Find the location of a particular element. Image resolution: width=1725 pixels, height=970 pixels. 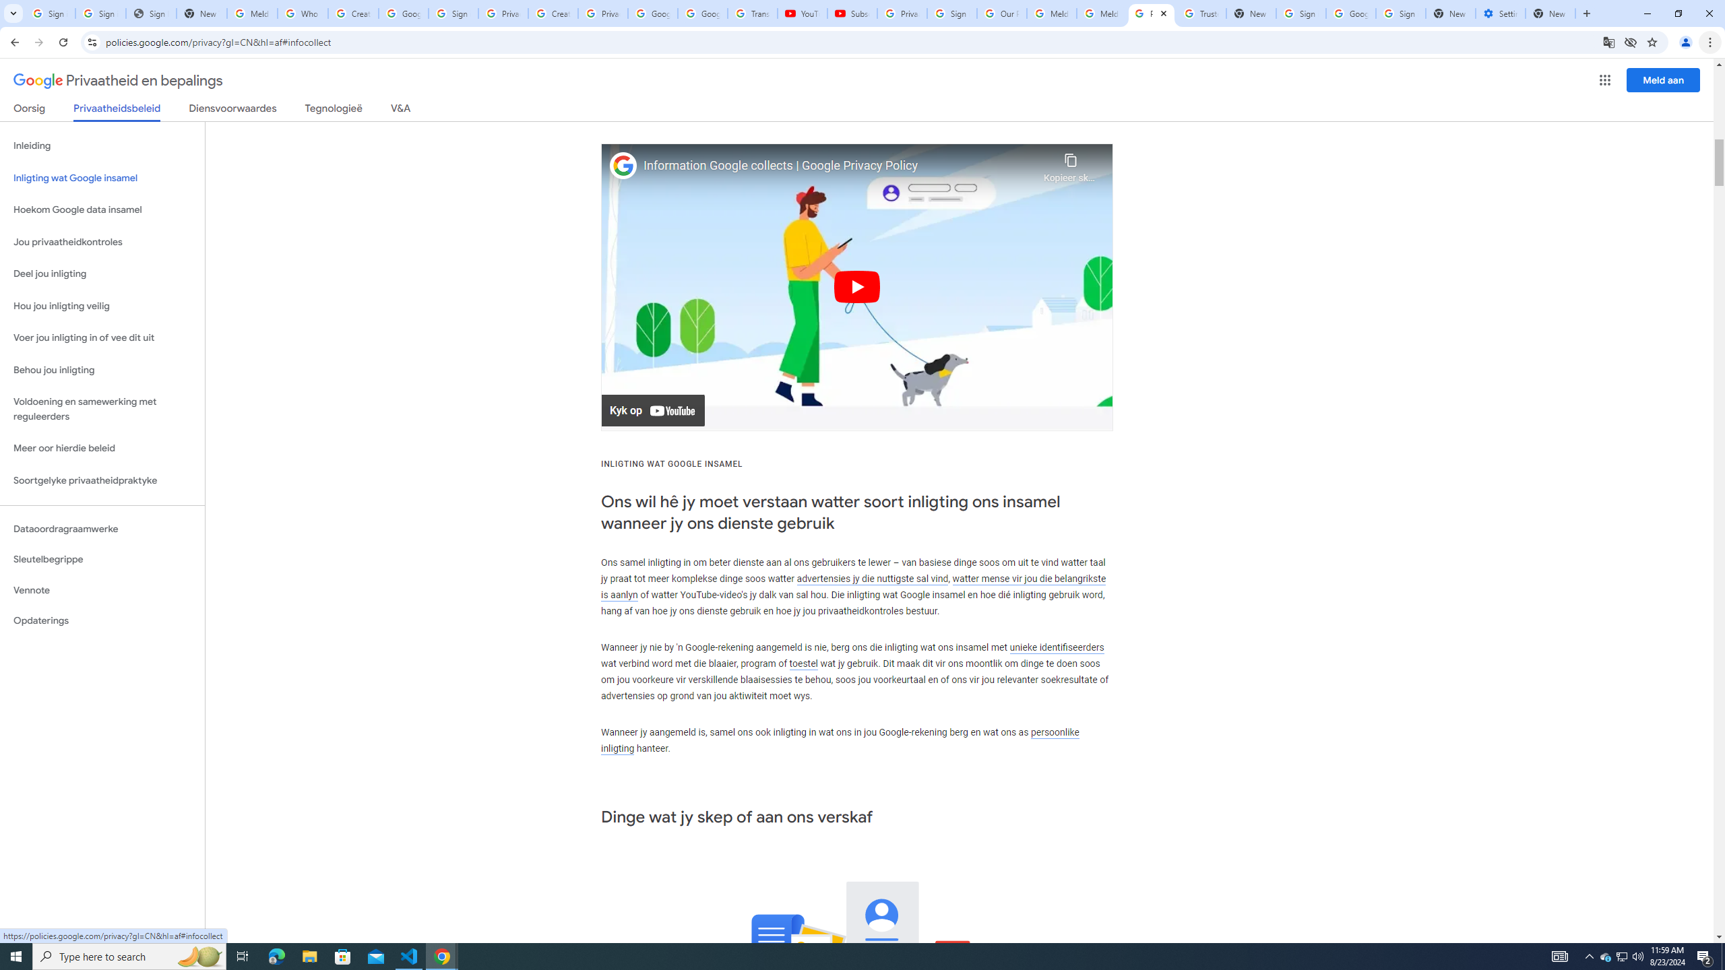

'Translate this page' is located at coordinates (1609, 41).